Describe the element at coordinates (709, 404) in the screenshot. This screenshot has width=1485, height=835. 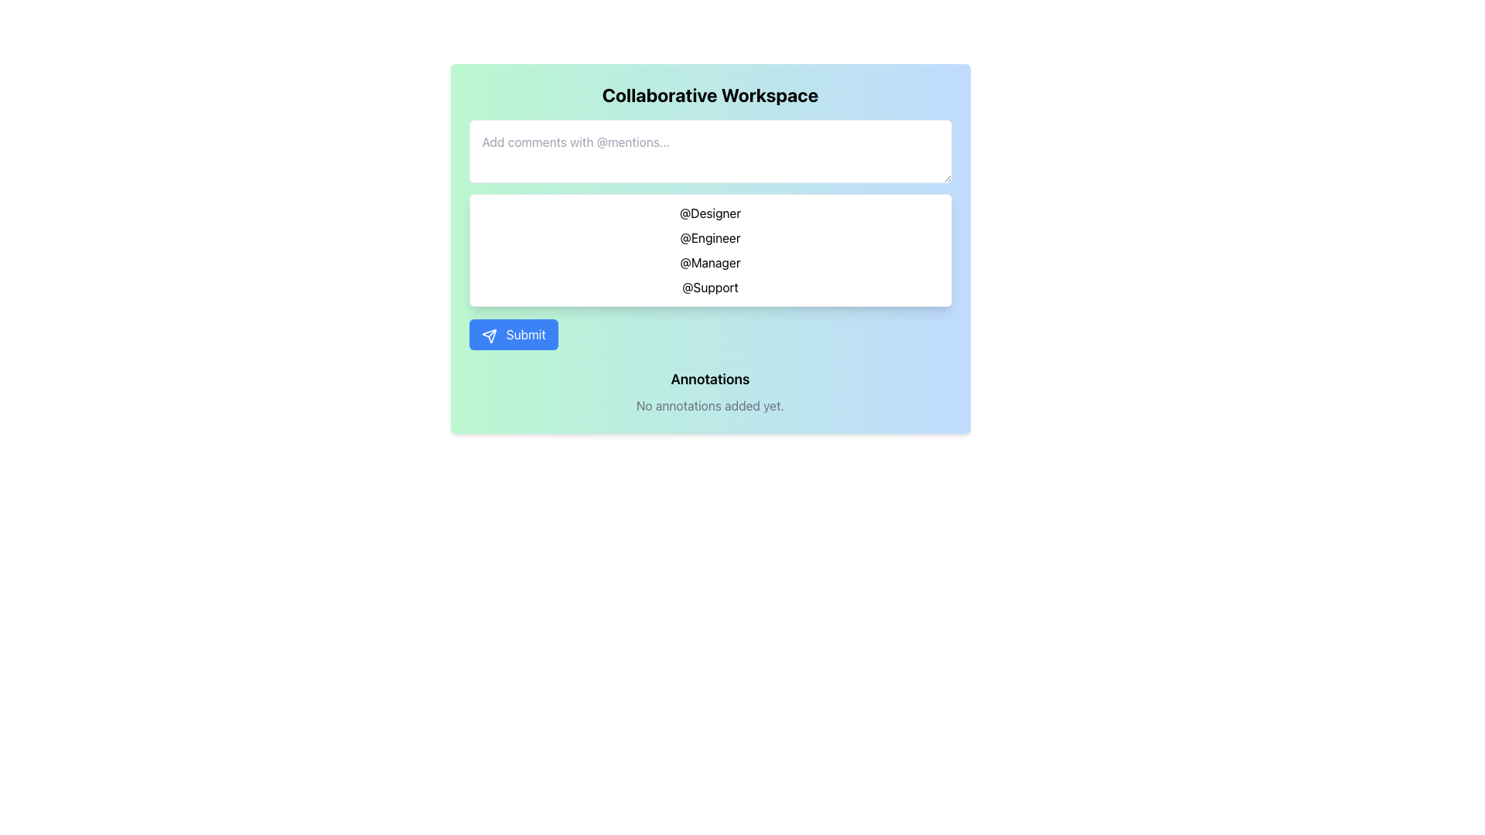
I see `the informational Text Label that indicates no annotations have been made yet, located directly under the 'Annotations' section and centered within the blue content area` at that location.